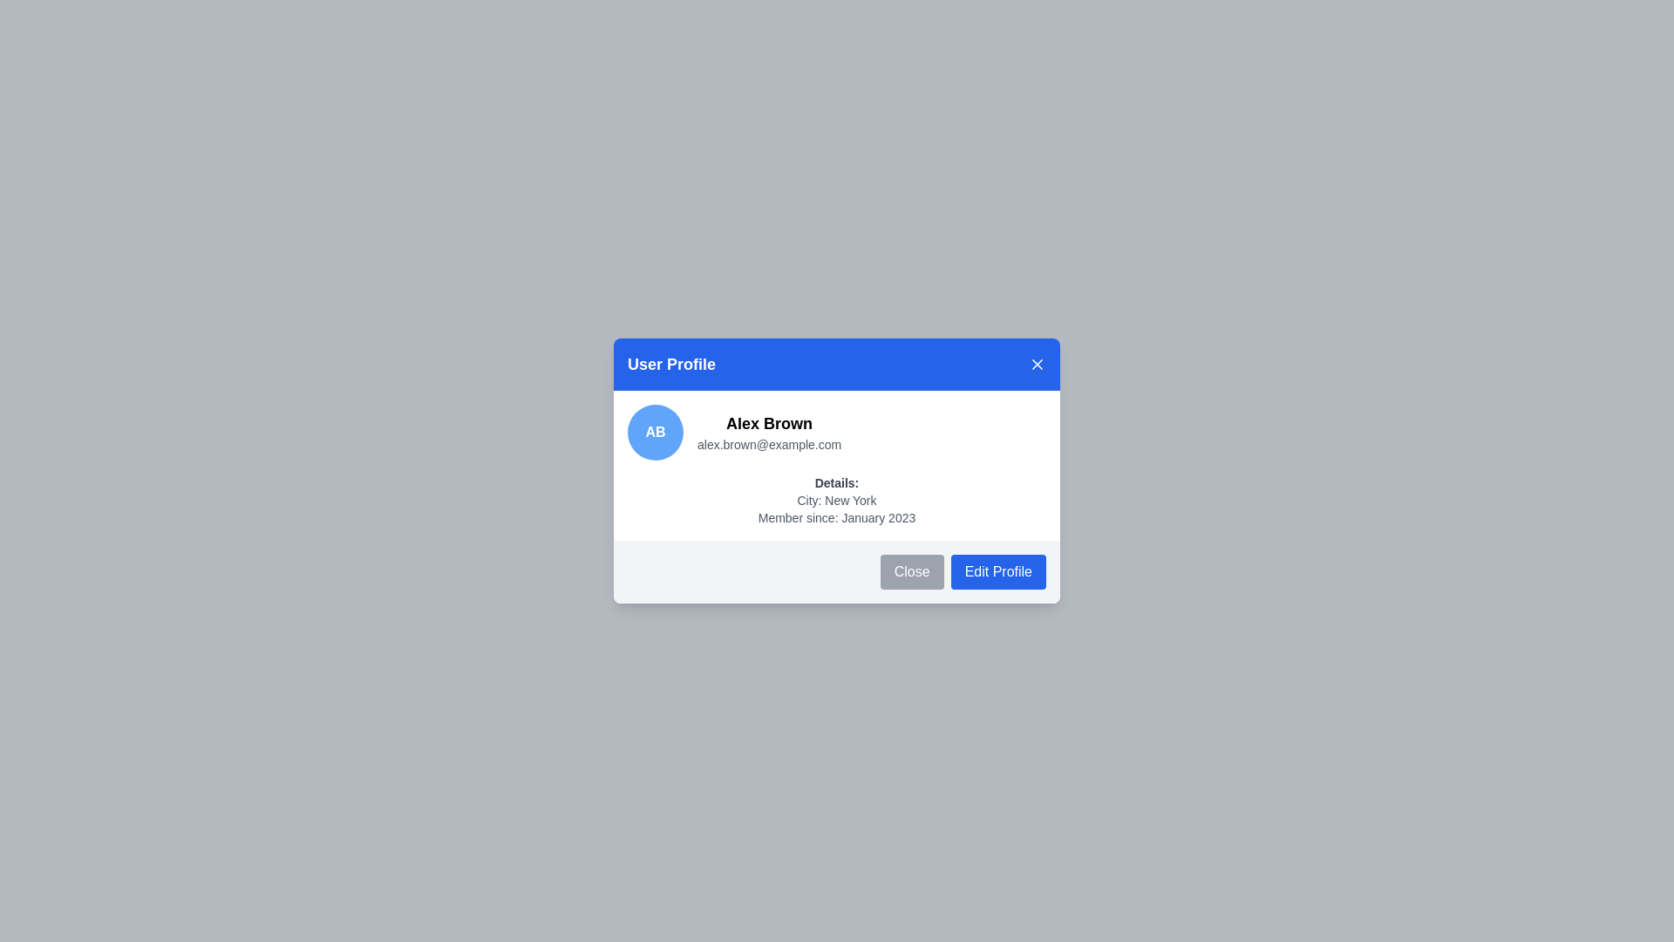 The height and width of the screenshot is (942, 1674). I want to click on the Static Text Label displaying 'Details:' which is positioned at the top of the user information section in the user profile card, so click(837, 483).